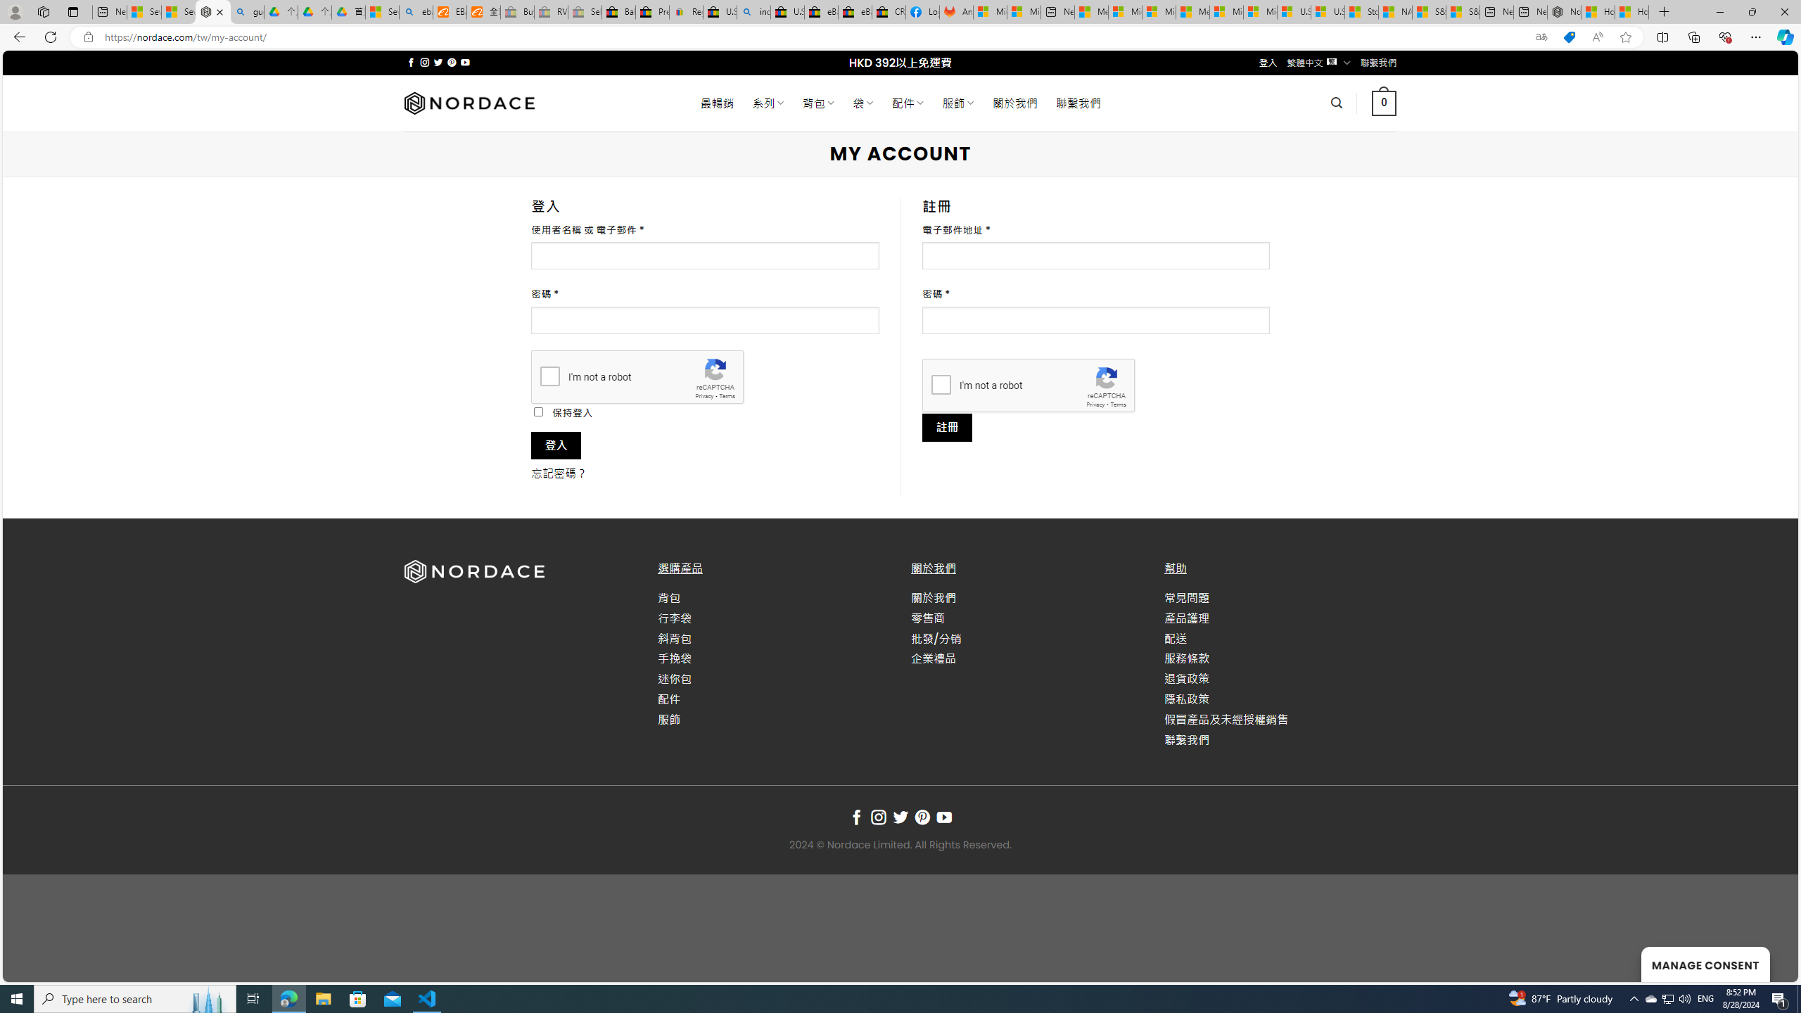  What do you see at coordinates (1463, 11) in the screenshot?
I see `'S&P 500, Nasdaq end lower, weighed by Nvidia dip | Watch'` at bounding box center [1463, 11].